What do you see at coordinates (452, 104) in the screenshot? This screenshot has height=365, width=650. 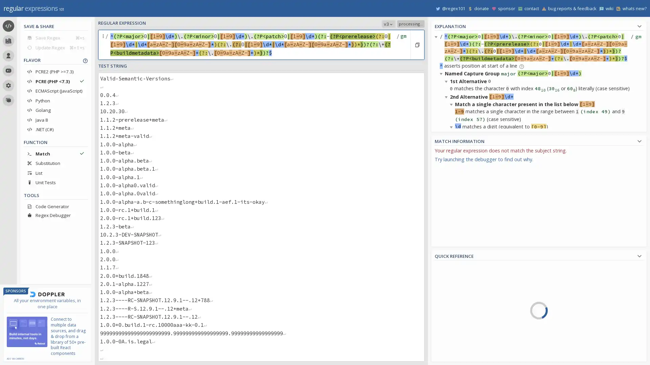 I see `Collapse Subtree` at bounding box center [452, 104].